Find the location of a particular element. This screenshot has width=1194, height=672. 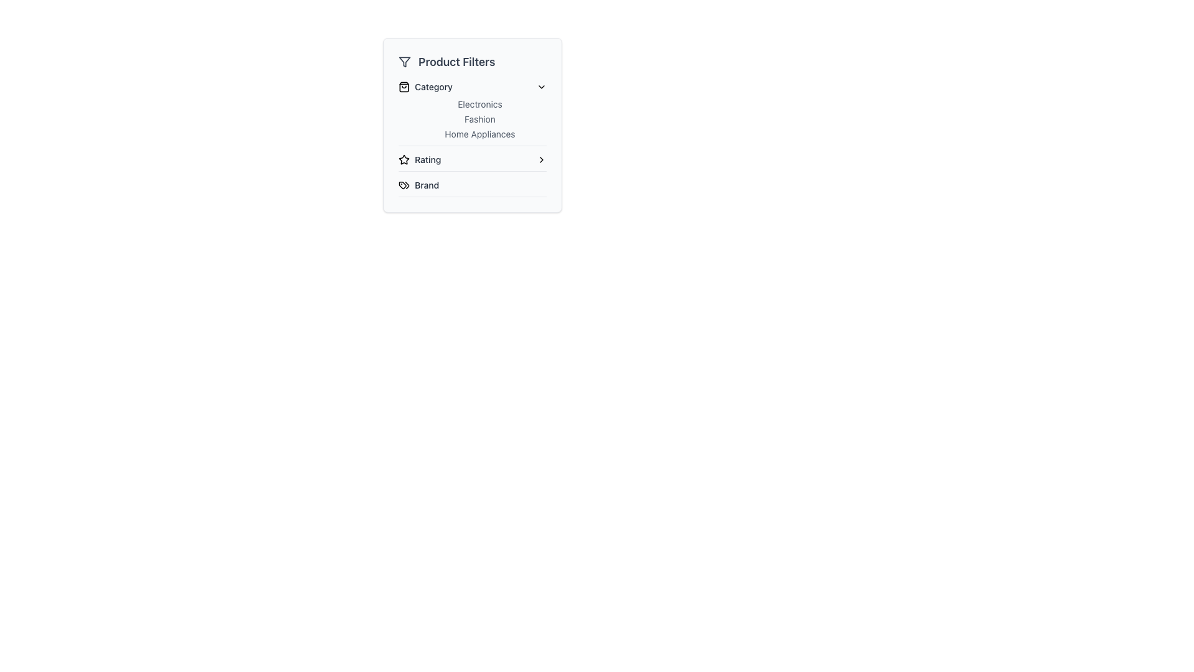

the filter funnel icon located at the top-left corner of the 'Product Filters' section next to the text 'Product Filters' is located at coordinates (405, 62).